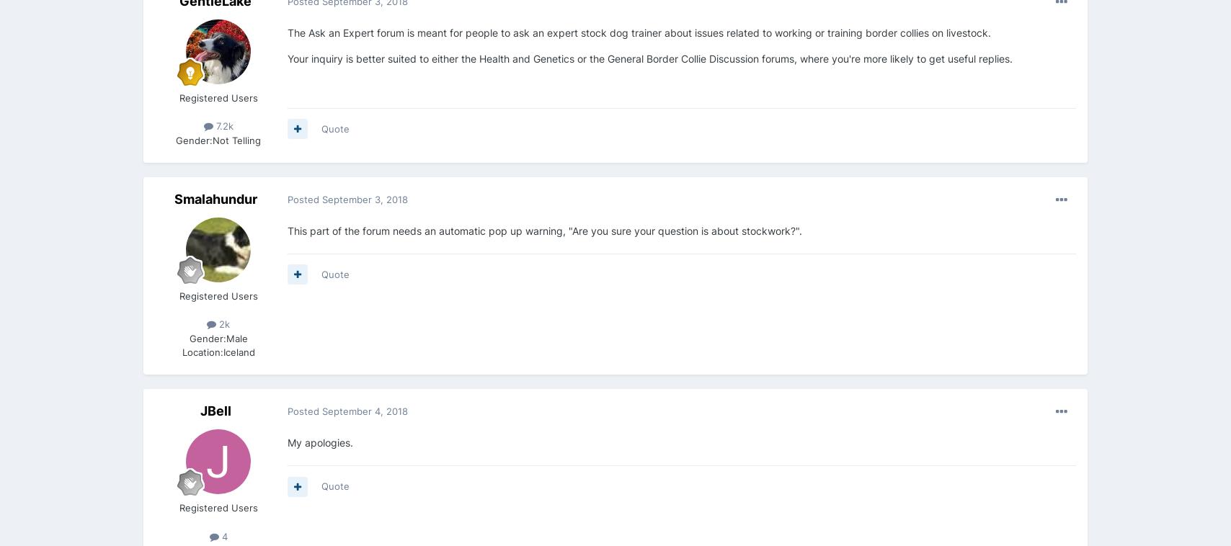 This screenshot has height=546, width=1231. I want to click on 'September 4, 2018', so click(365, 411).